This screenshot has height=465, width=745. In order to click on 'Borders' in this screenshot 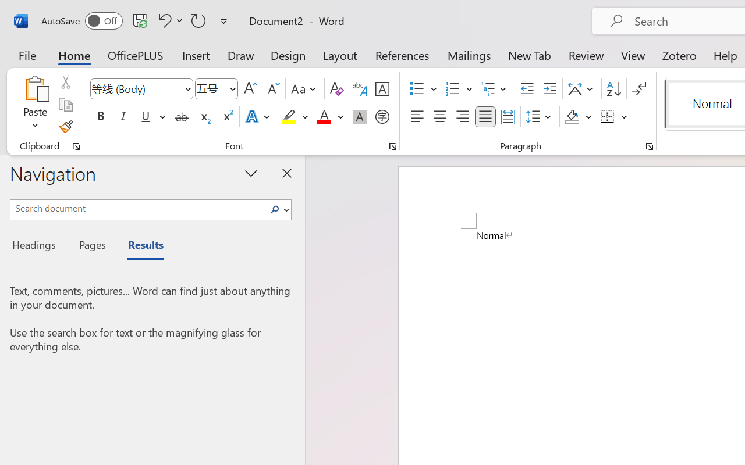, I will do `click(613, 117)`.